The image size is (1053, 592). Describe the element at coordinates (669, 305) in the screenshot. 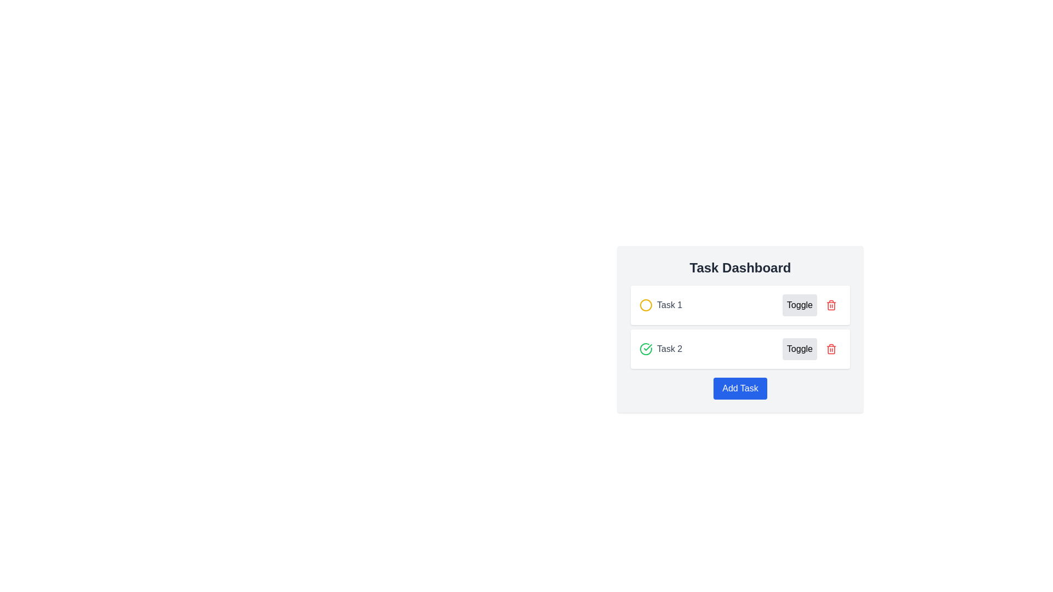

I see `text label for 'Task 1' which describes the corresponding item in the task list, positioned to the right of a yellow circular icon and aligned to the left of the 'Toggle' and delete buttons in the first row of the task list under 'Task Dashboard'` at that location.